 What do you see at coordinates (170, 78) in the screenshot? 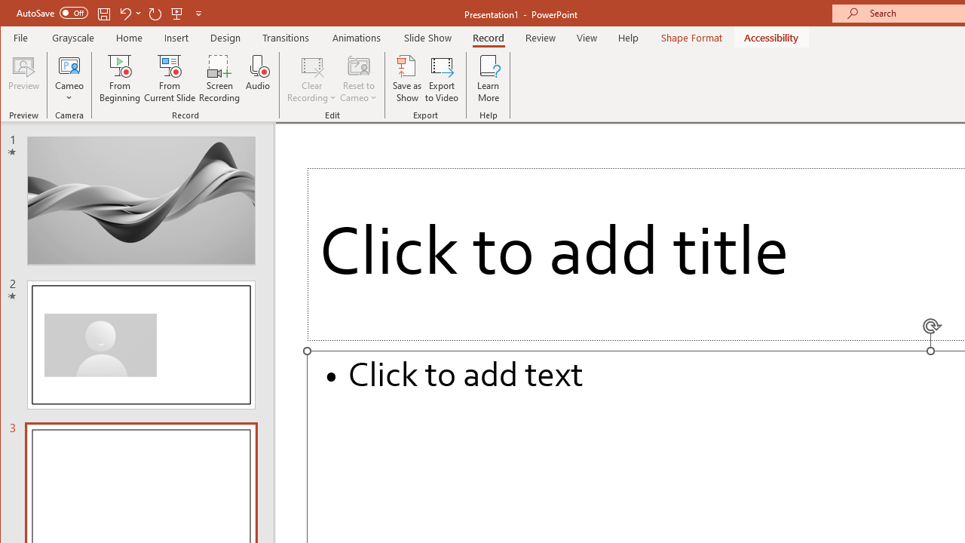
I see `'From Current Slide...'` at bounding box center [170, 78].